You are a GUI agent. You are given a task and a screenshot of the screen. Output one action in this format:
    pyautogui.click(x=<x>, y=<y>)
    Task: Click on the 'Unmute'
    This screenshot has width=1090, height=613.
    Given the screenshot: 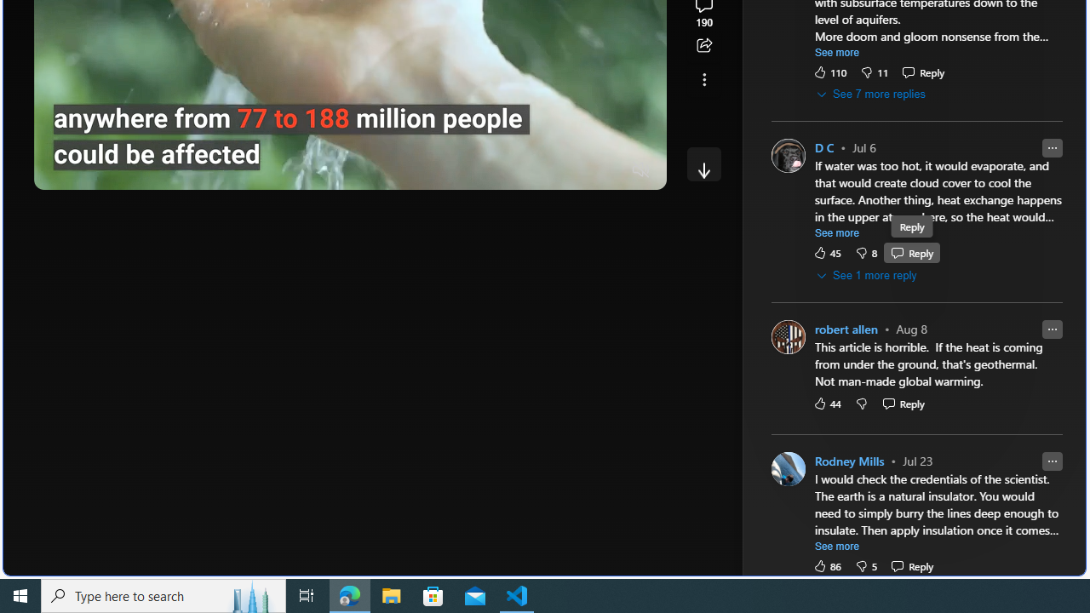 What is the action you would take?
    pyautogui.click(x=640, y=170)
    